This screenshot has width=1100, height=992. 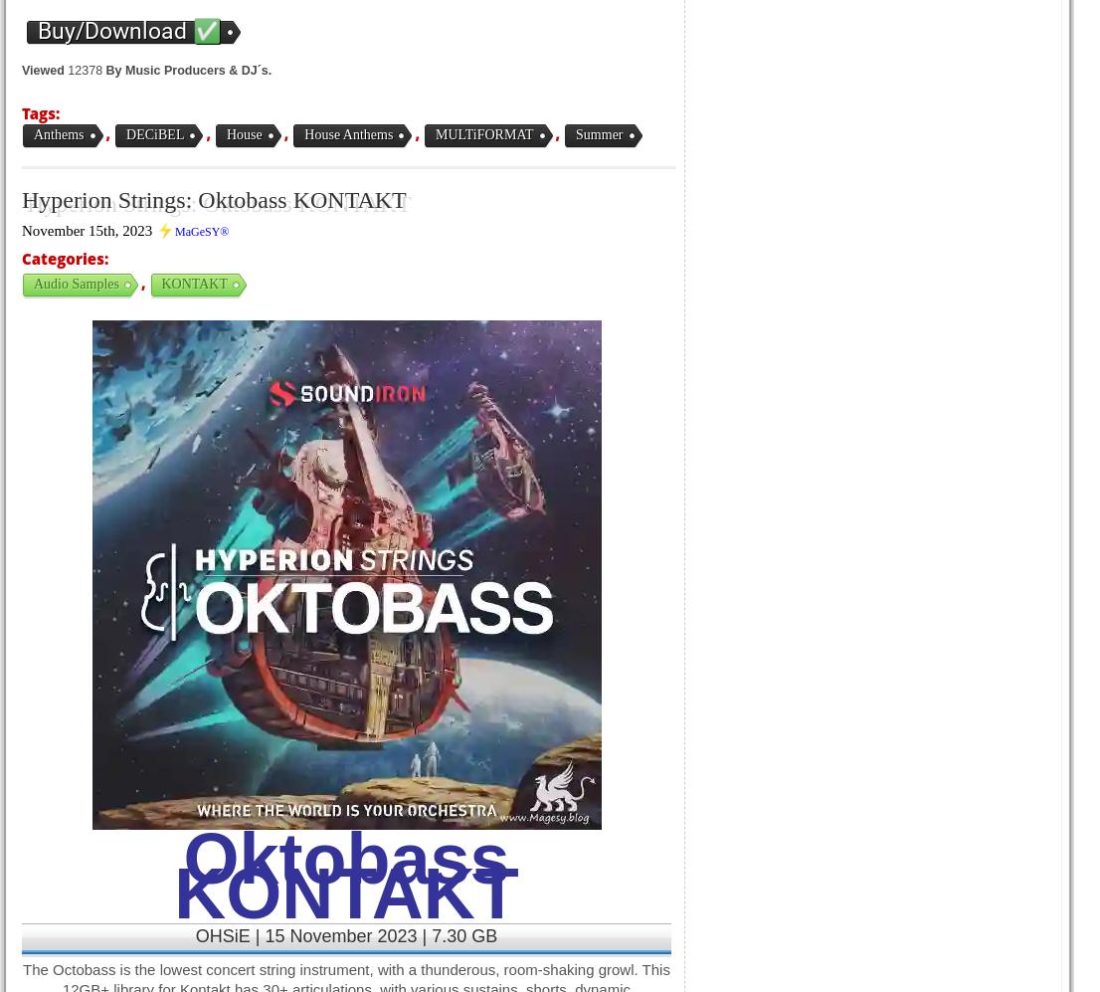 I want to click on 'November 15th, 2023 ⚡', so click(x=97, y=230).